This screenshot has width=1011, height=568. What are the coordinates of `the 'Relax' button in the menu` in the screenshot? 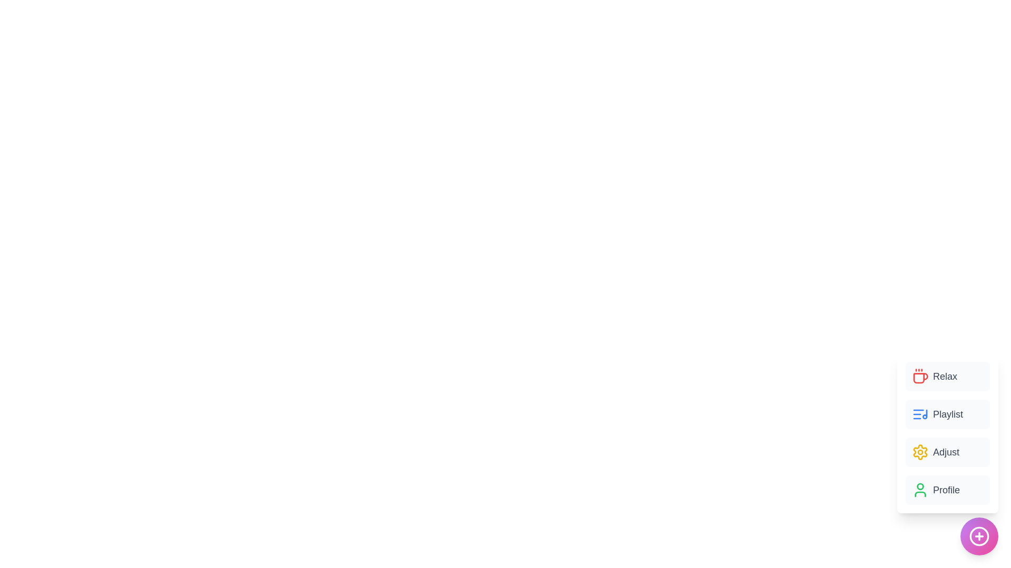 It's located at (948, 376).